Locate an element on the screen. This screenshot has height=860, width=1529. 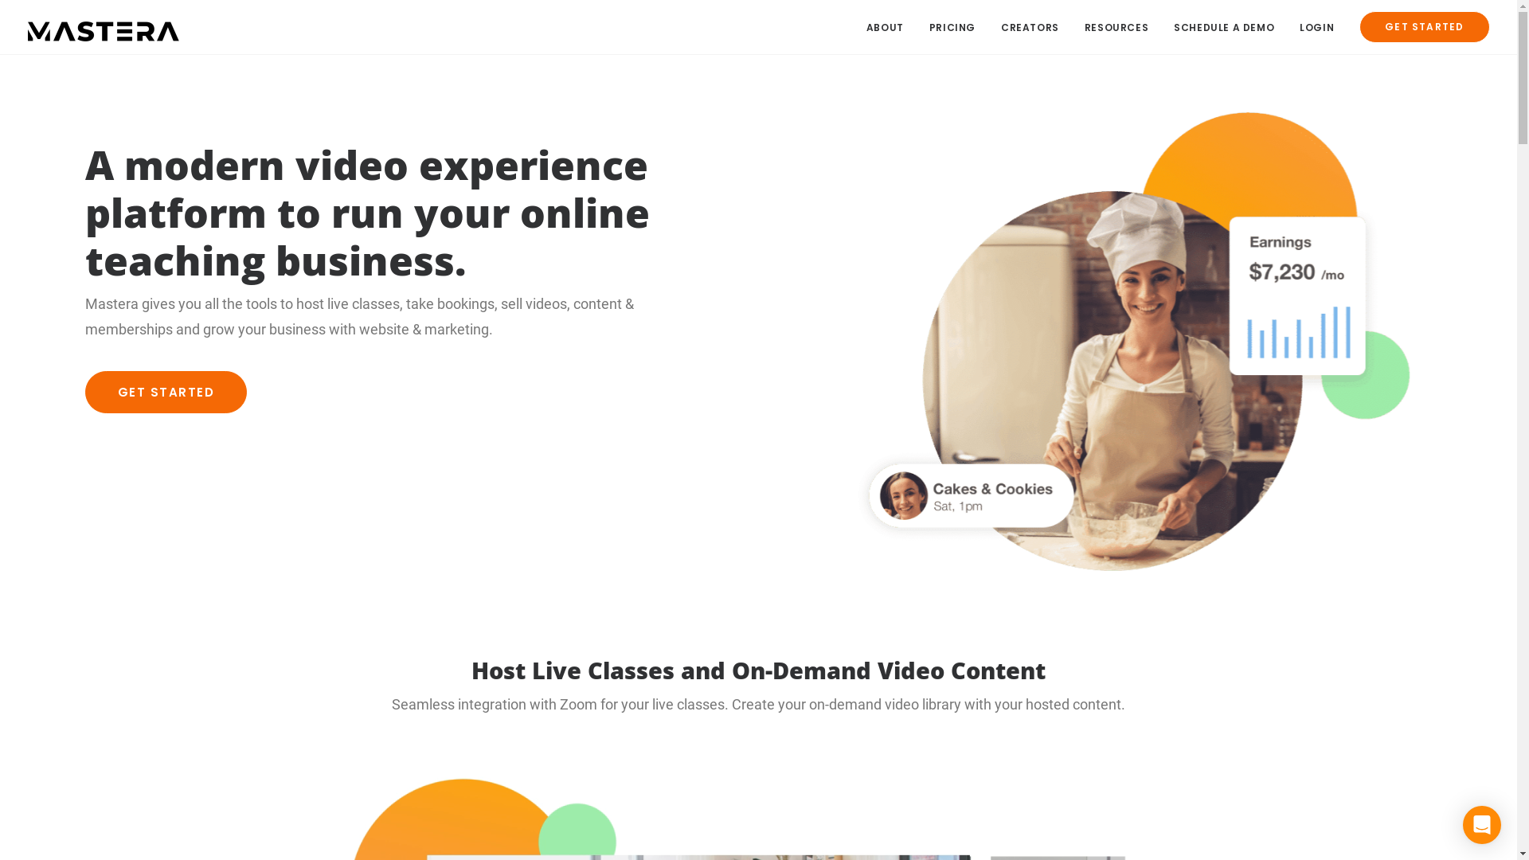
'SCHEDULE A DEMO' is located at coordinates (1162, 27).